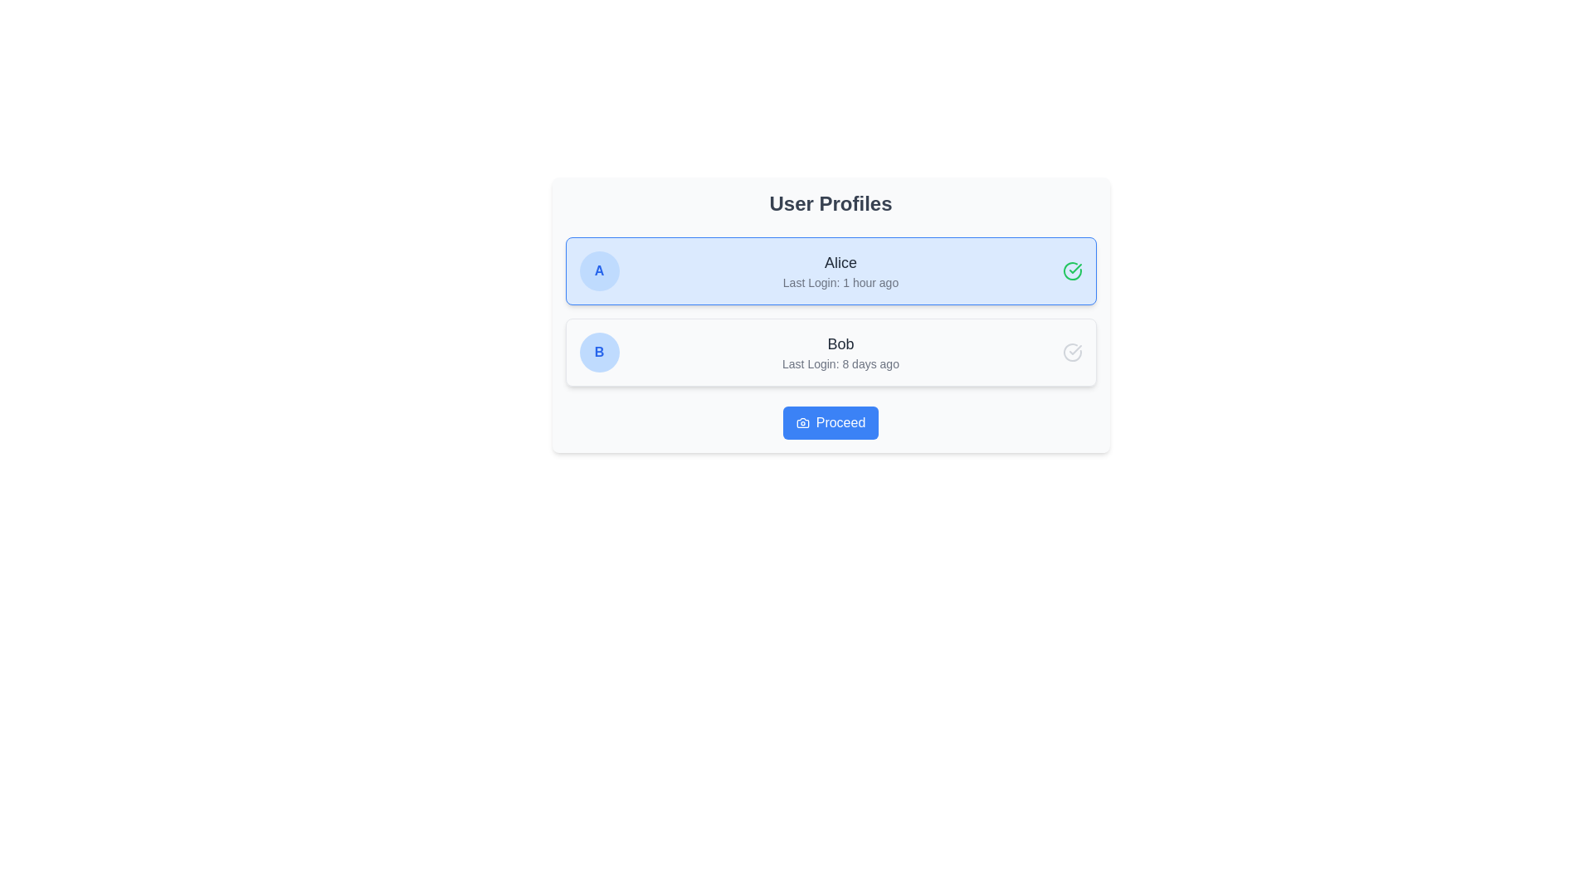  Describe the element at coordinates (831, 351) in the screenshot. I see `the User Profile Block located in the second row under 'User Profiles'` at that location.